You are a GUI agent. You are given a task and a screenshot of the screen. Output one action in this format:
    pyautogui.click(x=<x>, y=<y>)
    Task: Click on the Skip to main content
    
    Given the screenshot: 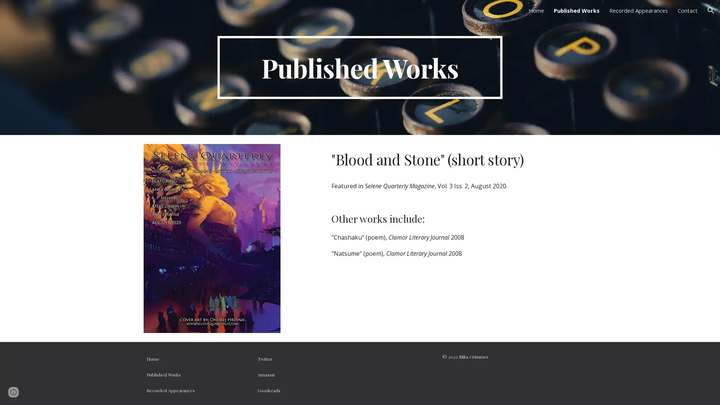 What is the action you would take?
    pyautogui.click(x=295, y=14)
    